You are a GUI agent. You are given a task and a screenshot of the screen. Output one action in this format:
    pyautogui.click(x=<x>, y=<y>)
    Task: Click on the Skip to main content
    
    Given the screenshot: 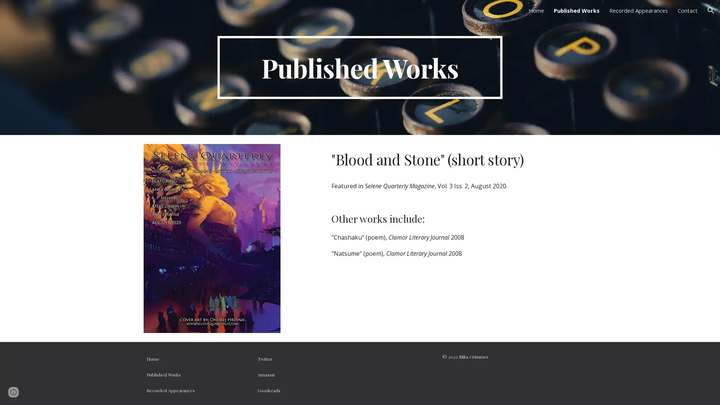 What is the action you would take?
    pyautogui.click(x=295, y=14)
    